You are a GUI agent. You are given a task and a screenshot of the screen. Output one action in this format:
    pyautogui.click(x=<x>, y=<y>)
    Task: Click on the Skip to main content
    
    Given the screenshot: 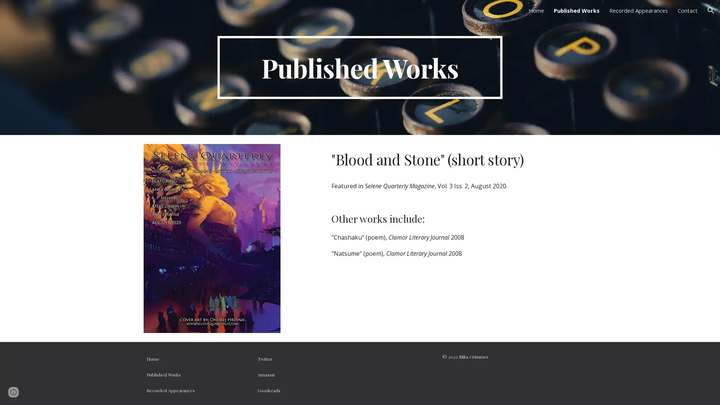 What is the action you would take?
    pyautogui.click(x=295, y=14)
    